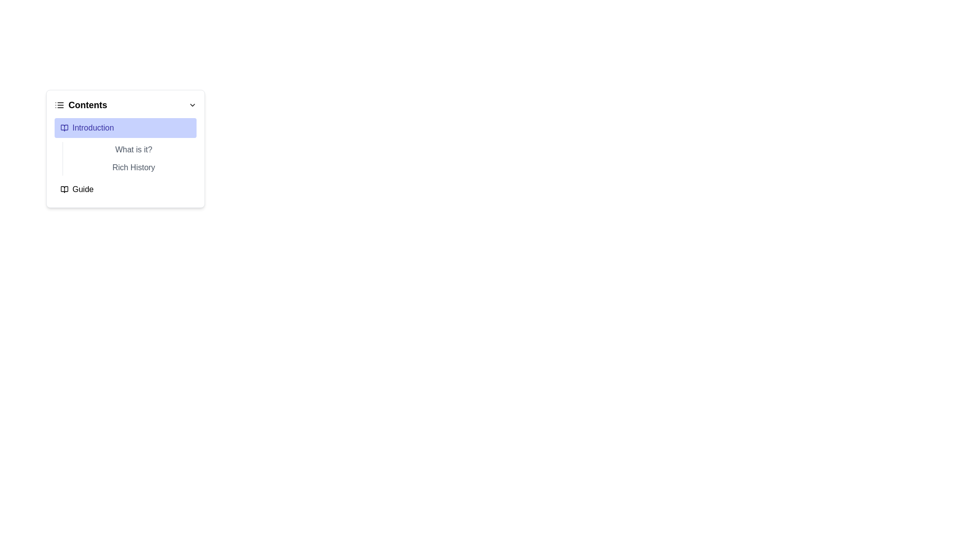 The image size is (953, 536). What do you see at coordinates (64, 128) in the screenshot?
I see `the presence of the small open book icon located in the navigation menu labeled 'Contents', positioned to the left of the text 'Introduction'` at bounding box center [64, 128].